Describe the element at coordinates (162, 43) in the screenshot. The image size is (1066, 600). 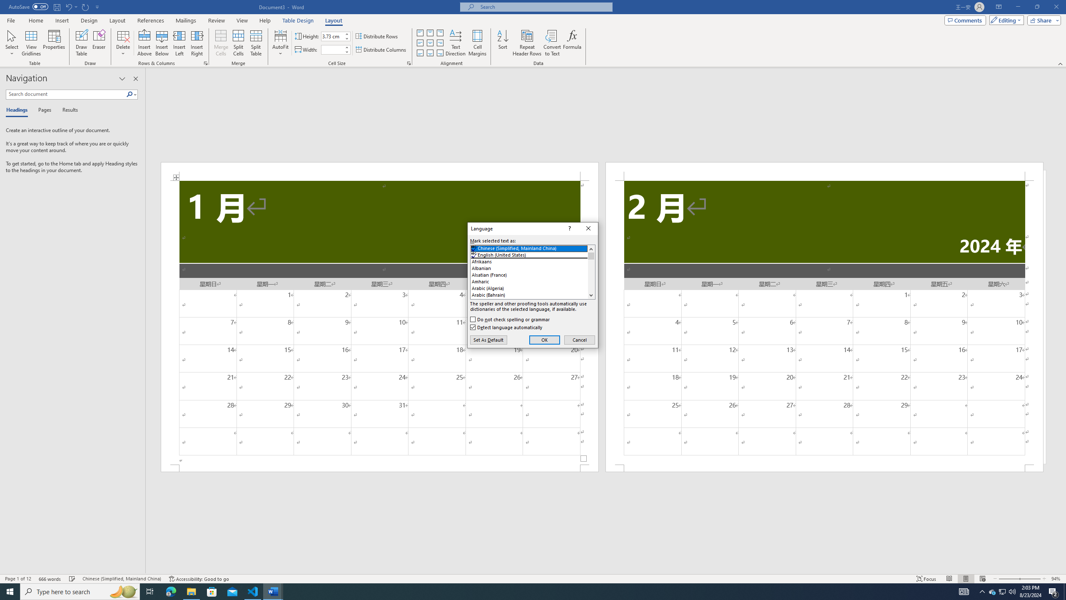
I see `'Insert Below'` at that location.